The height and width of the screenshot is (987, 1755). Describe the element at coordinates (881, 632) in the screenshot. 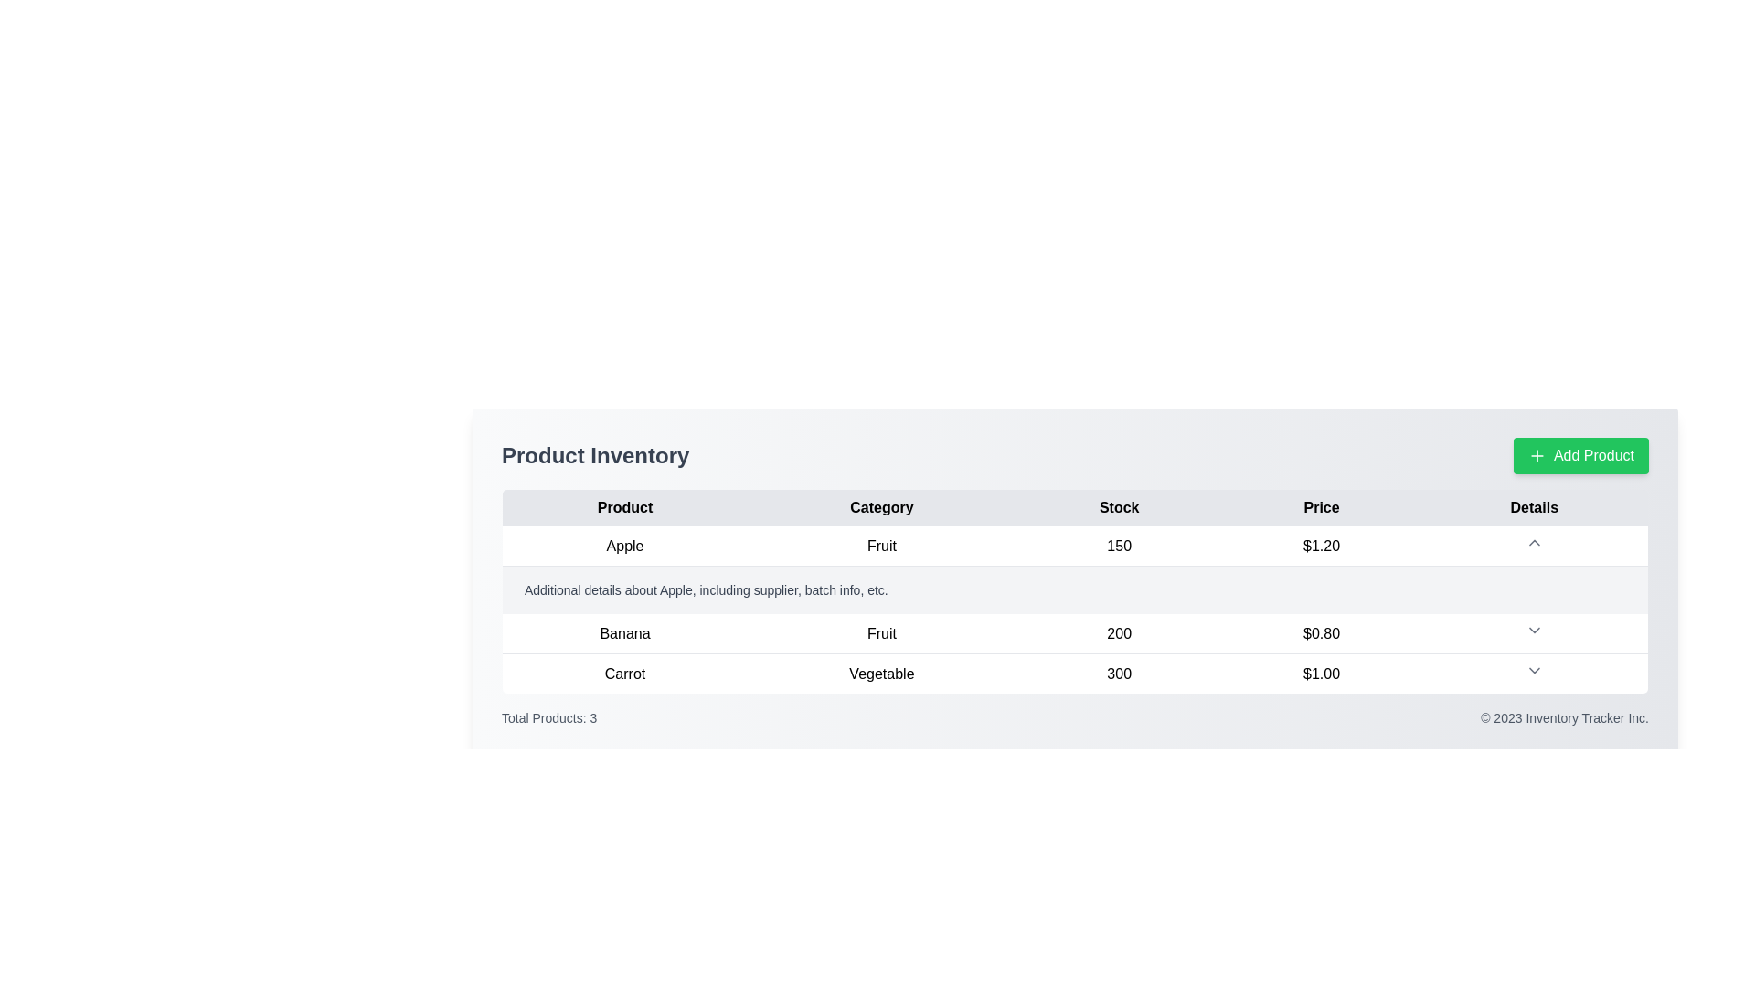

I see `the category label for 'Banana' in the table, which classifies it under the 'Fruit' category` at that location.